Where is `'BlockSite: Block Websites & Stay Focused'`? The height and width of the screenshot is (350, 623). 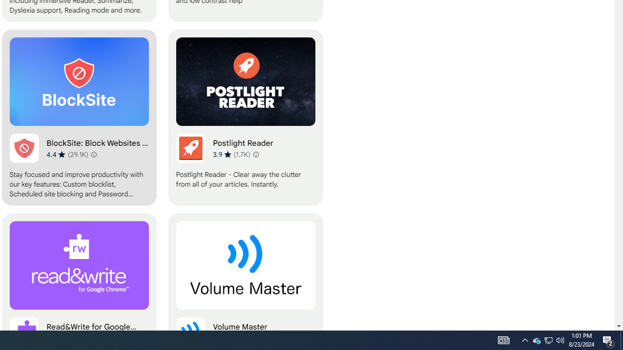
'BlockSite: Block Websites & Stay Focused' is located at coordinates (79, 117).